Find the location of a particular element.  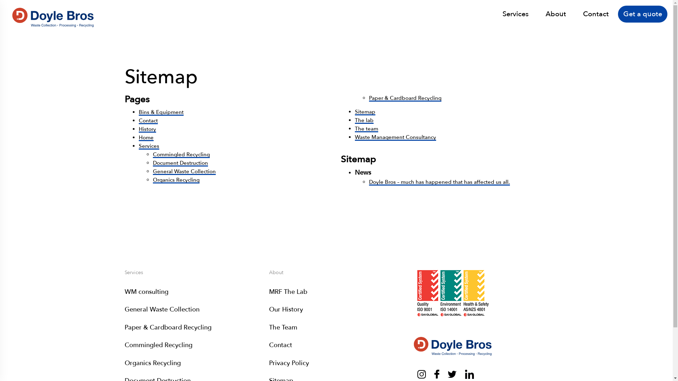

'WM consulting' is located at coordinates (145, 292).